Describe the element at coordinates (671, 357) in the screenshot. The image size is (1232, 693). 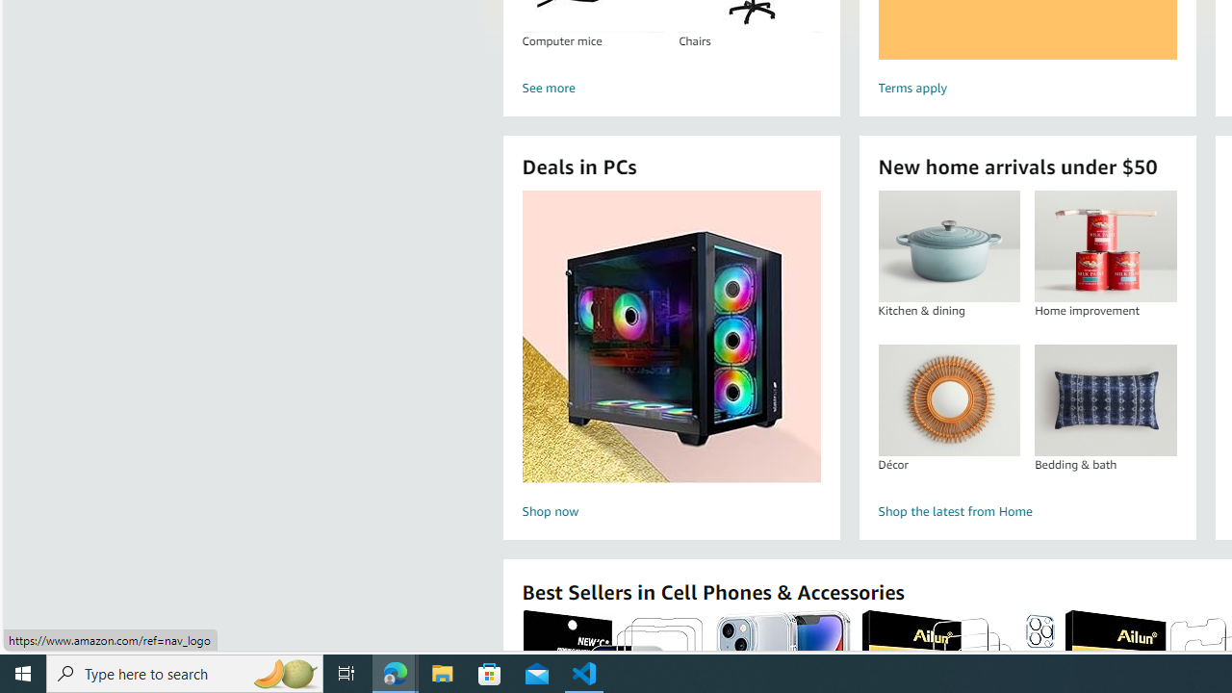
I see `'Deals in PCs Shop now'` at that location.